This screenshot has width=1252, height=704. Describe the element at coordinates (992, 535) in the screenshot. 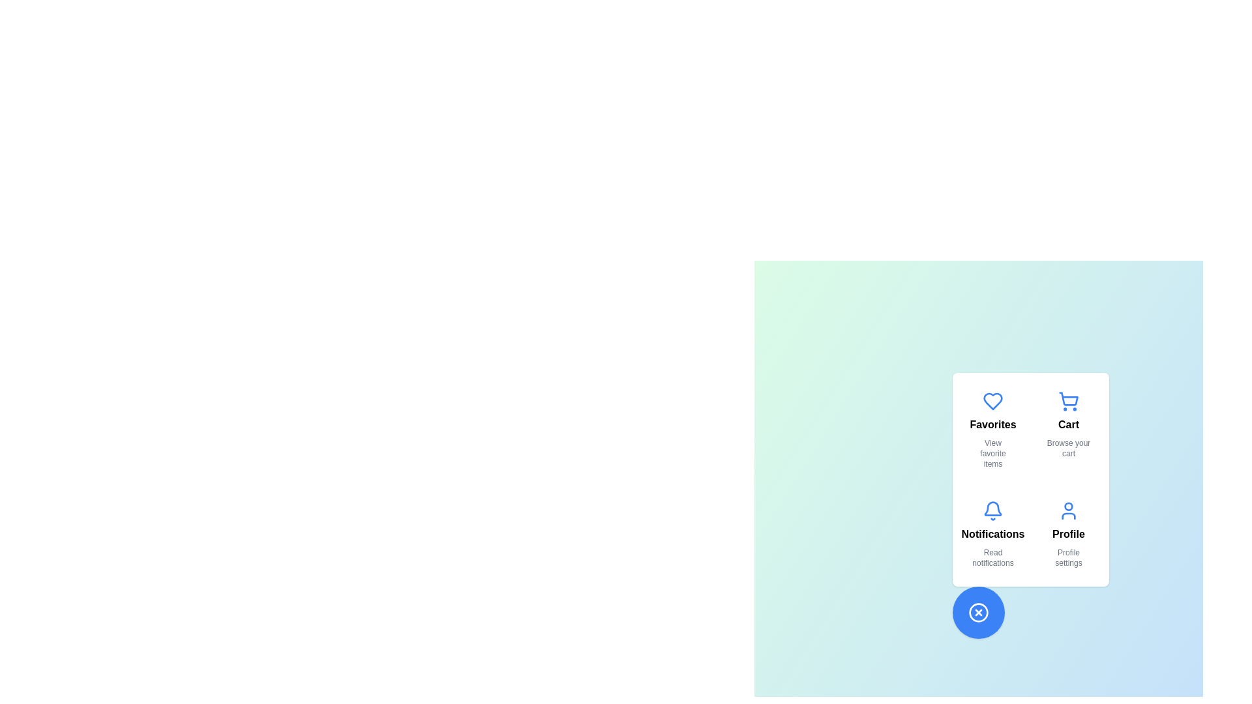

I see `the option Notifications from the displayed options in the InteractiveSpeedDial` at that location.